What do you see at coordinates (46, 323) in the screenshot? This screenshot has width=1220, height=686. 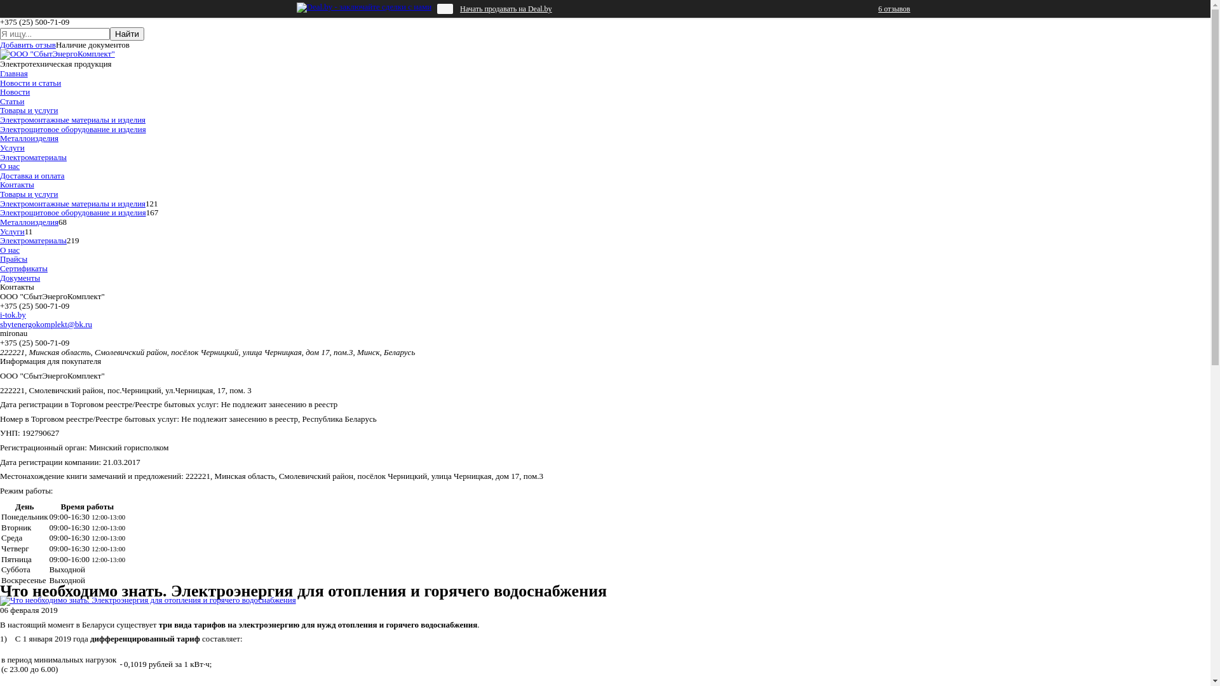 I see `'sbytenergokomplekt@bk.ru'` at bounding box center [46, 323].